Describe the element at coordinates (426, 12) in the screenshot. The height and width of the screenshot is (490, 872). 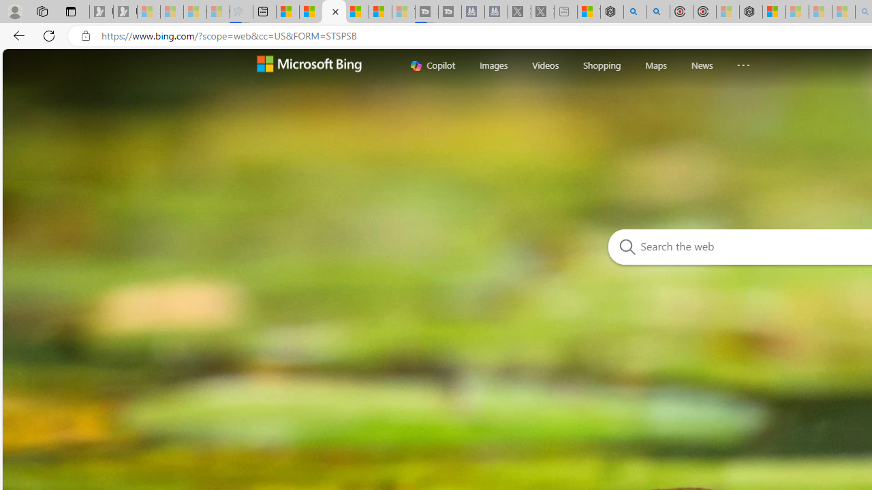
I see `'Streaming Coverage | T3 - Sleeping'` at that location.